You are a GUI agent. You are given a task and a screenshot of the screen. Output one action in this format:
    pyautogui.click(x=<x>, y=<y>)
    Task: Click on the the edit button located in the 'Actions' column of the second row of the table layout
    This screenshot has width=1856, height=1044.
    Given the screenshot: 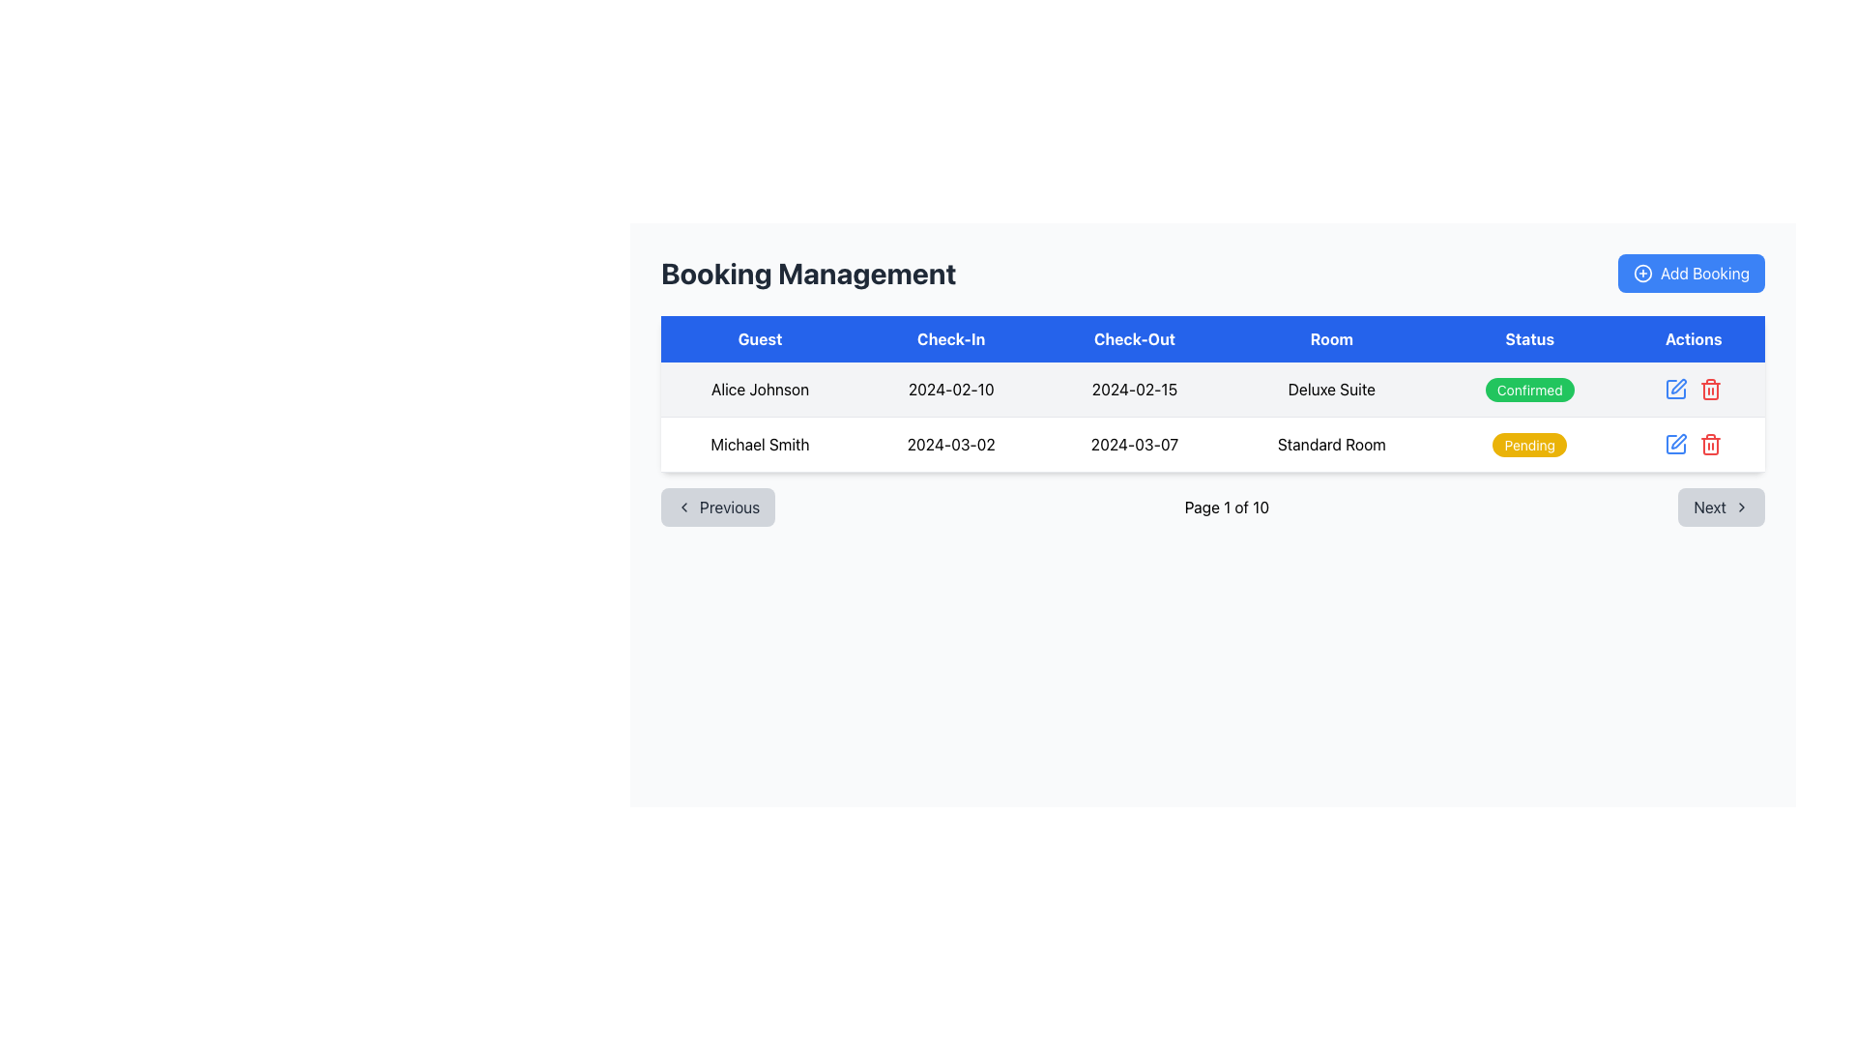 What is the action you would take?
    pyautogui.click(x=1678, y=387)
    